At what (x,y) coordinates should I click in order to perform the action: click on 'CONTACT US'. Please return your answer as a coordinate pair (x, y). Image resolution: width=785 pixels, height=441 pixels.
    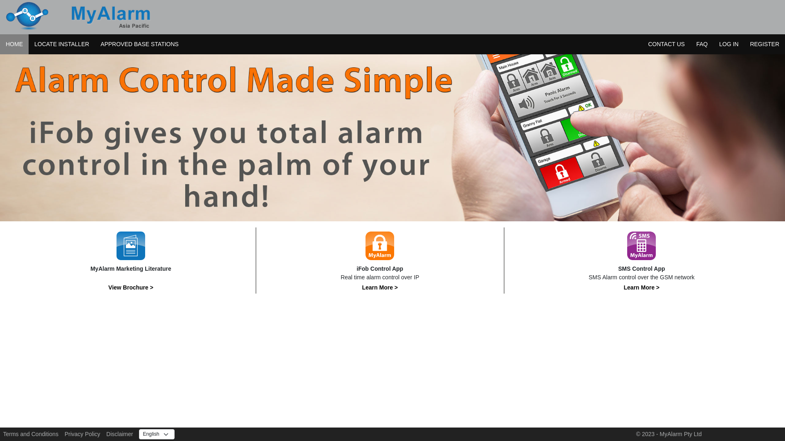
    Looking at the image, I should click on (641, 44).